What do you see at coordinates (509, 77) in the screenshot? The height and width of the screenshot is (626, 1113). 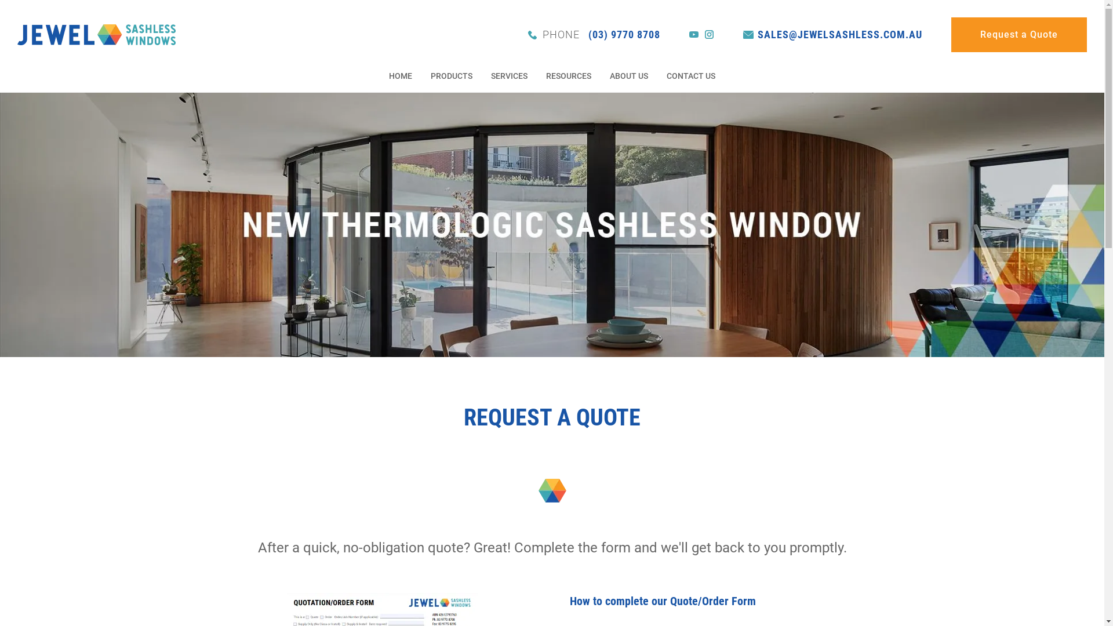 I see `'SERVICES'` at bounding box center [509, 77].